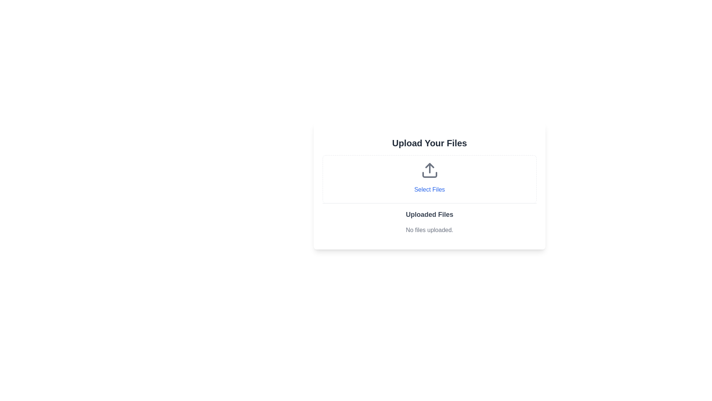 The width and height of the screenshot is (712, 401). Describe the element at coordinates (429, 170) in the screenshot. I see `the upload icon located in the 'Select Files' button area, which visually represents the file selection functionality under the 'Upload Your Files' section` at that location.